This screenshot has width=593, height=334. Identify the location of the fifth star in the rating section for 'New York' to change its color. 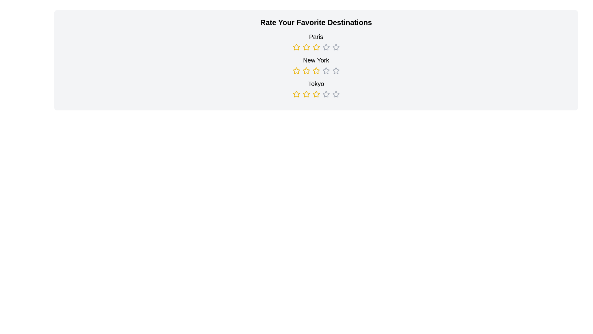
(335, 70).